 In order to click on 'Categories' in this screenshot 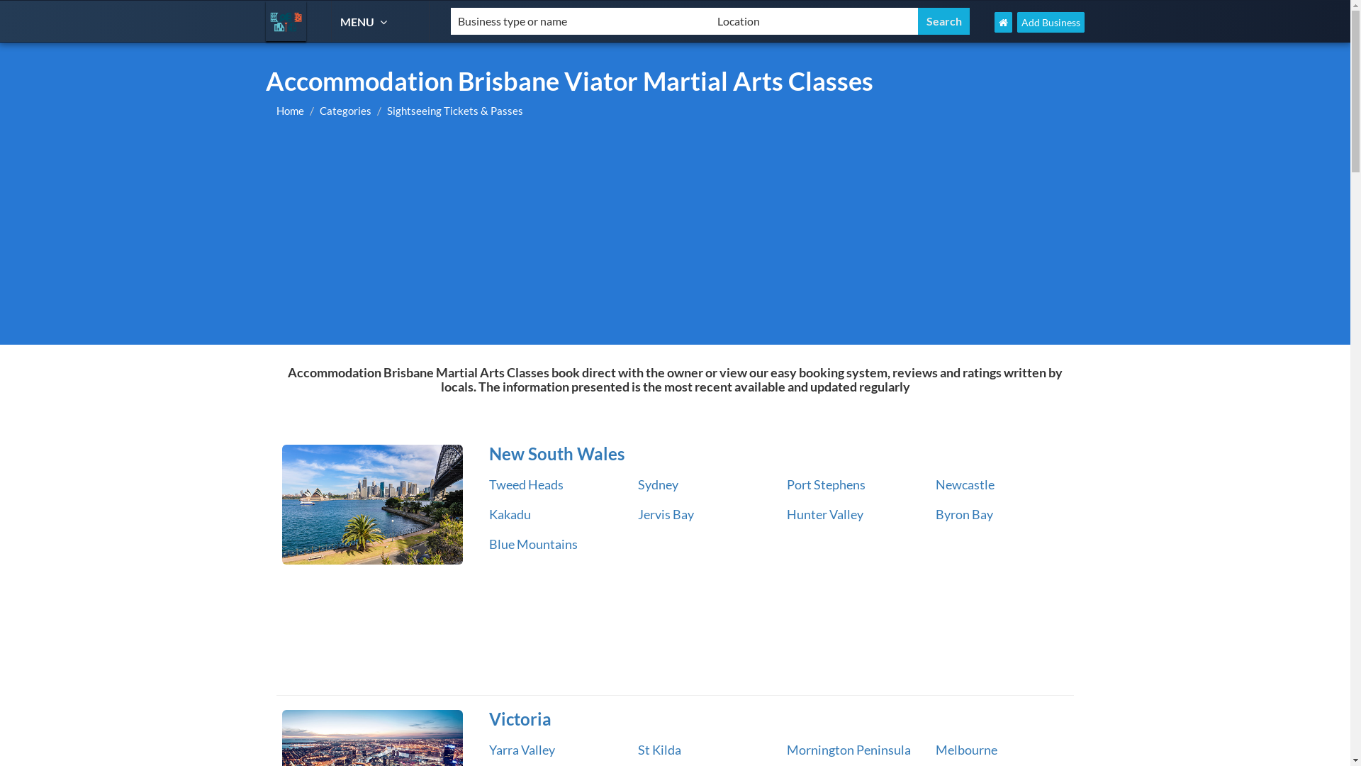, I will do `click(319, 109)`.